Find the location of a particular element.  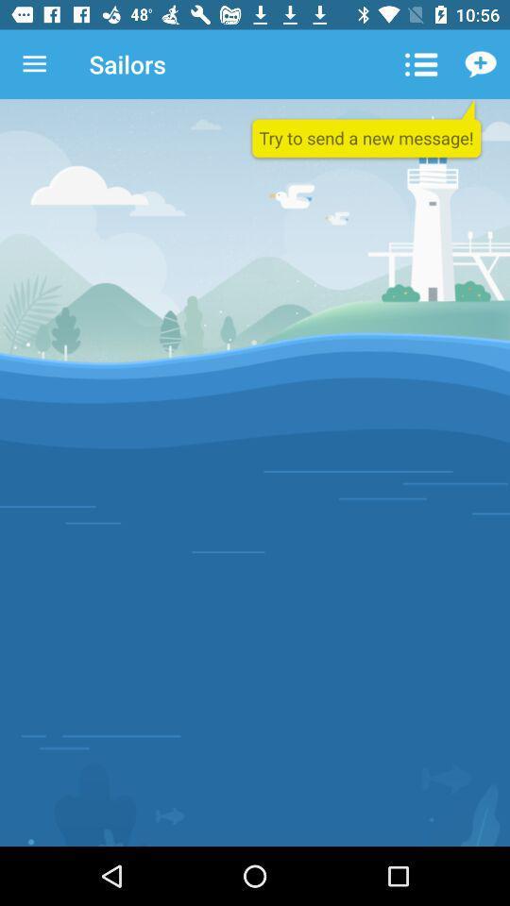

icon to the left of the sailors icon is located at coordinates (34, 64).